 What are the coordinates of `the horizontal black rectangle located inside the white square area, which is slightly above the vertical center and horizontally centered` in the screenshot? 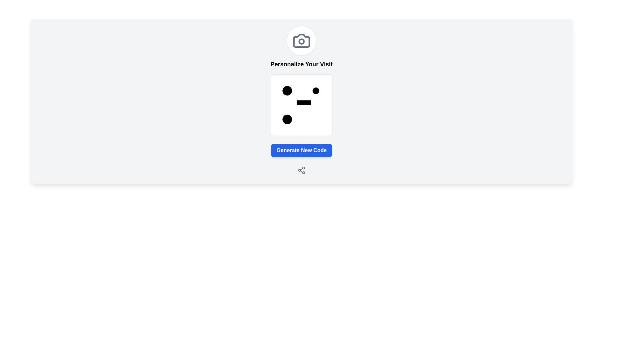 It's located at (304, 102).